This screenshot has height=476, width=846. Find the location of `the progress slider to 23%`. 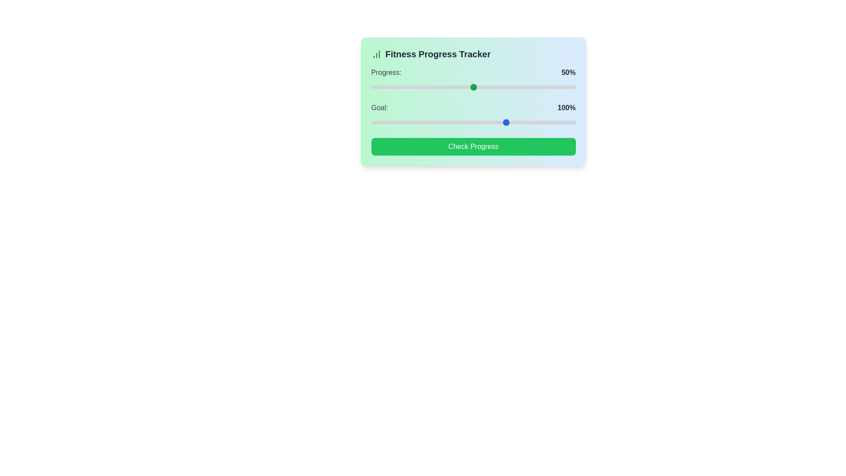

the progress slider to 23% is located at coordinates (418, 87).